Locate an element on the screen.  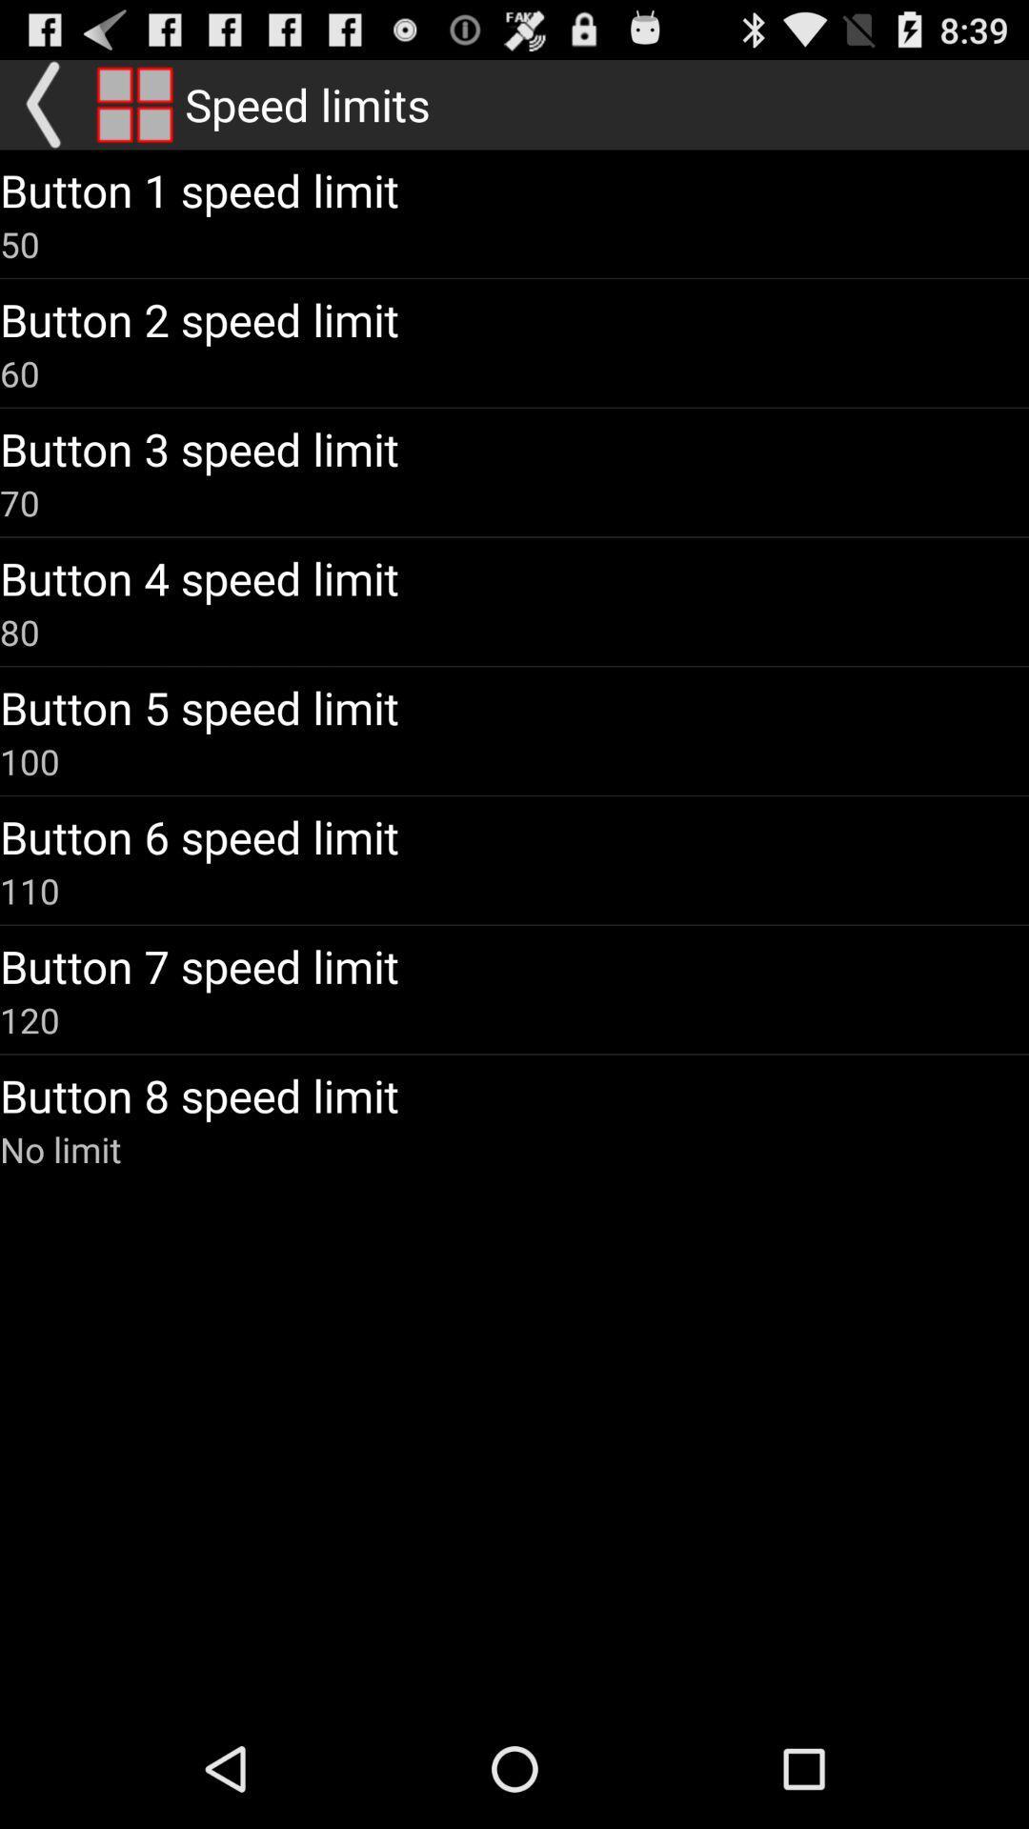
item above button 7 speed item is located at coordinates (30, 890).